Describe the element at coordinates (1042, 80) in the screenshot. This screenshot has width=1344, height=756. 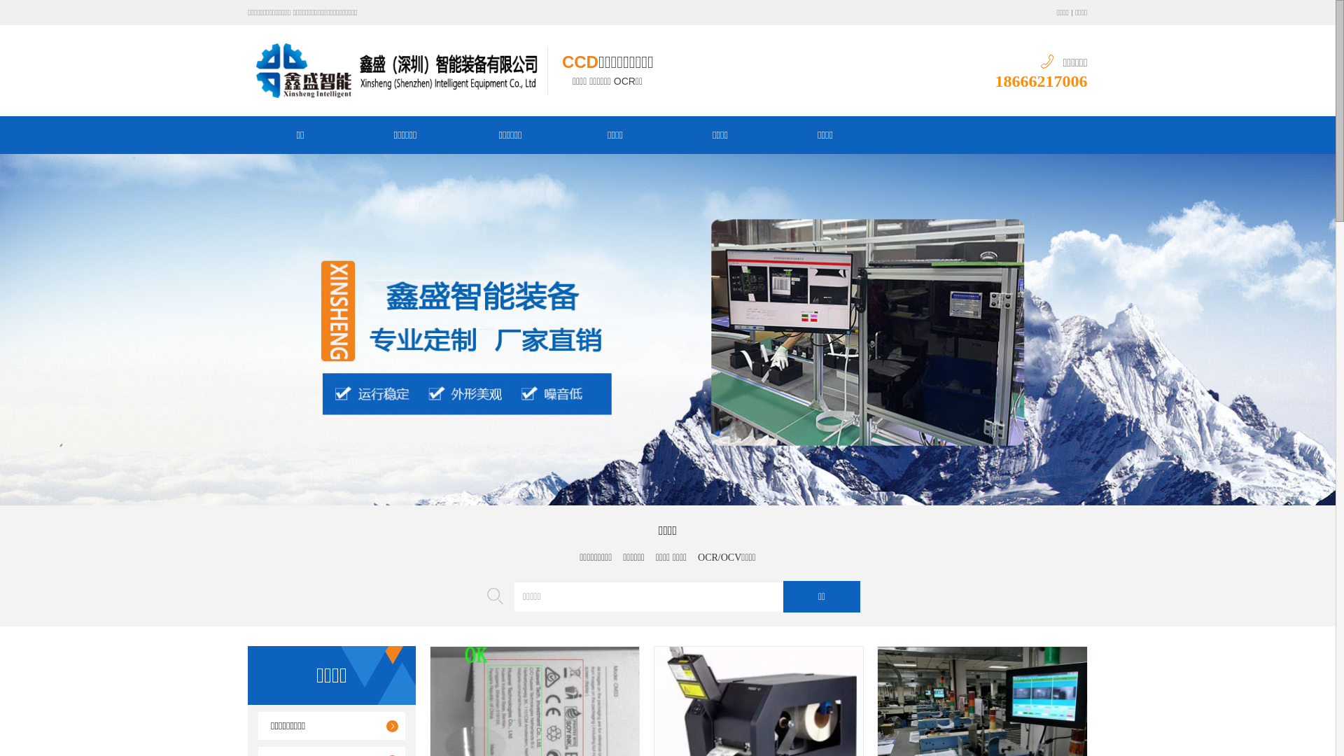
I see `'18666217006'` at that location.